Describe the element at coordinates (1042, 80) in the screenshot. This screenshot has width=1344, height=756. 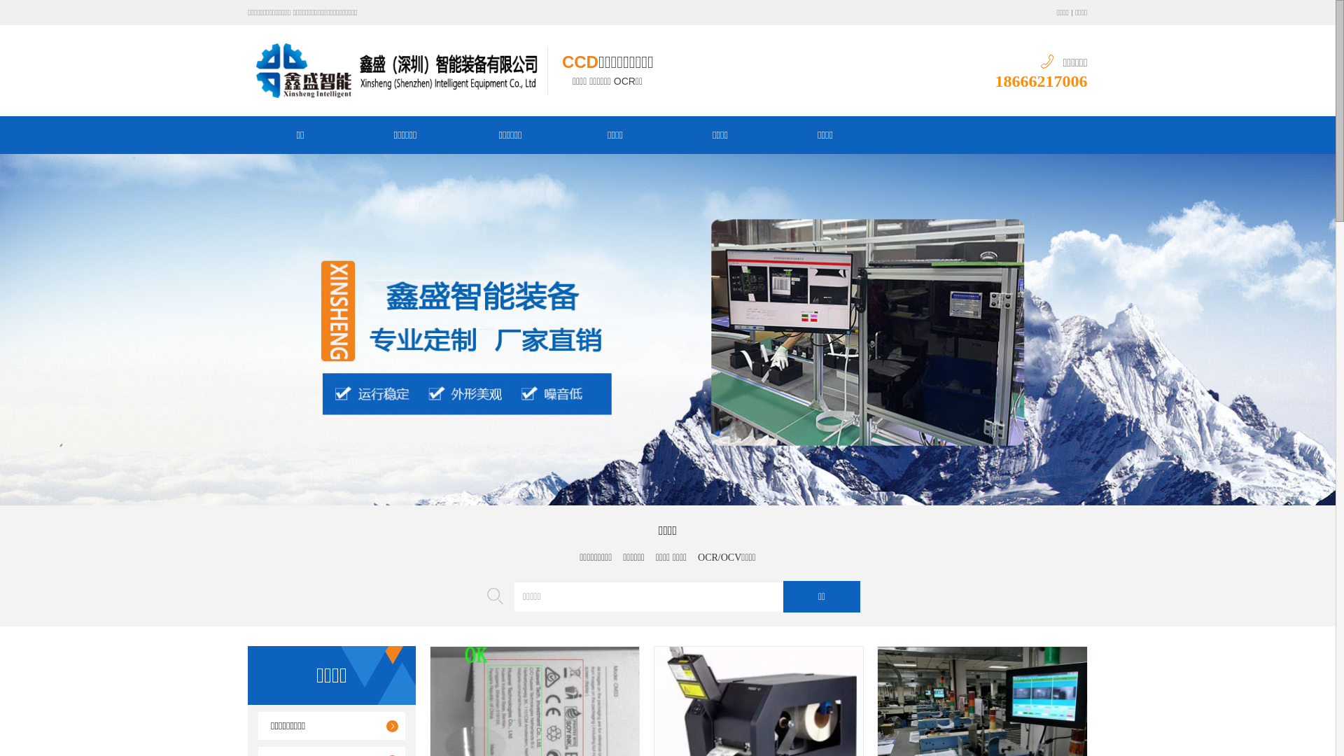
I see `'18666217006'` at that location.